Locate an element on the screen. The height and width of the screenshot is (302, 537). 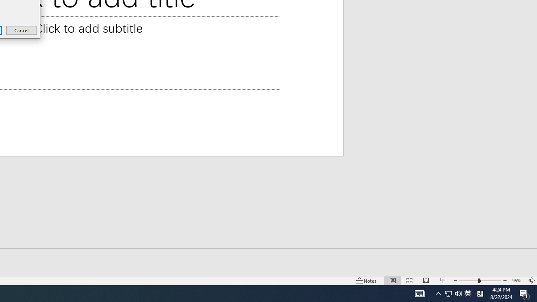
'Zoom 95%' is located at coordinates (517, 281).